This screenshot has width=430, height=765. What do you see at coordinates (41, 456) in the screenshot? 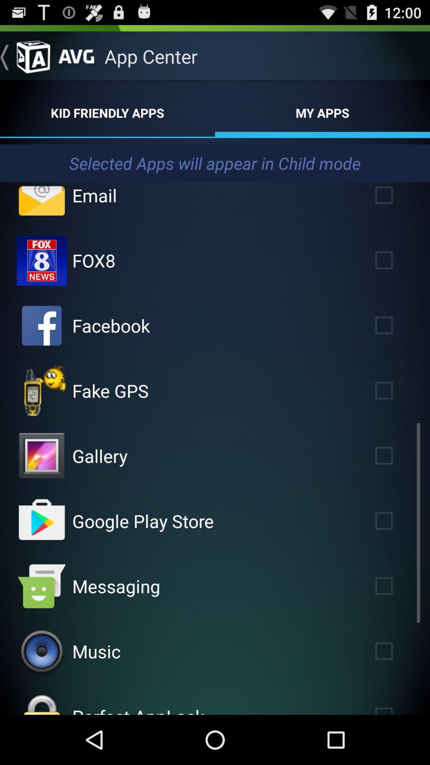
I see `see the gallery` at bounding box center [41, 456].